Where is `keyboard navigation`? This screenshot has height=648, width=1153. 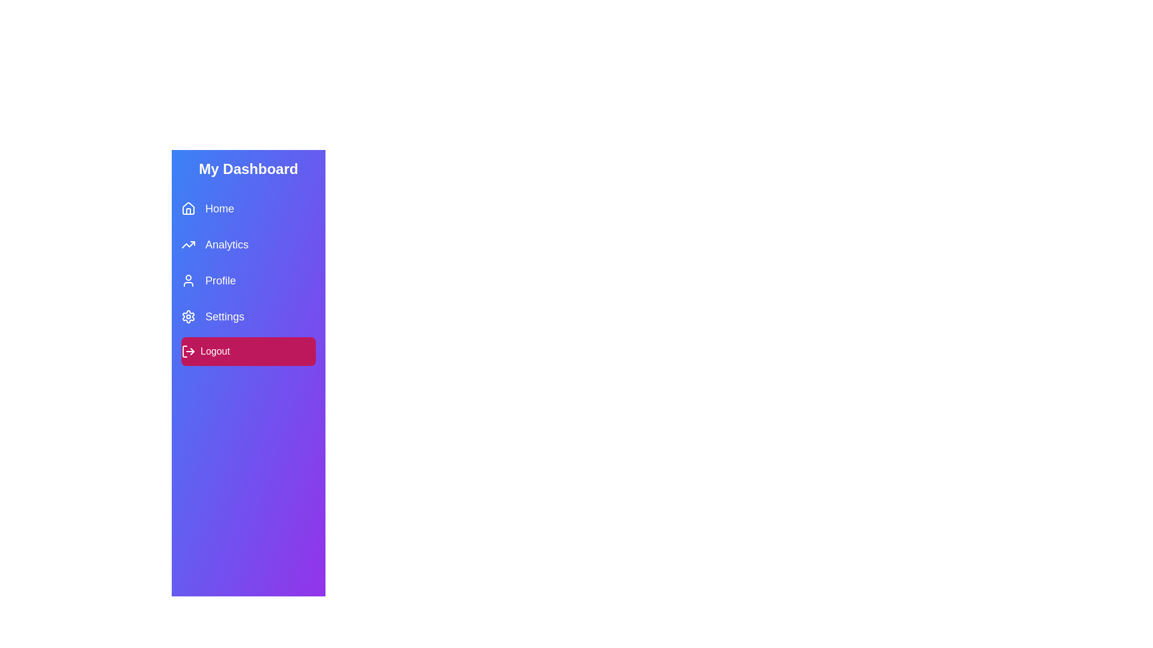
keyboard navigation is located at coordinates (220, 280).